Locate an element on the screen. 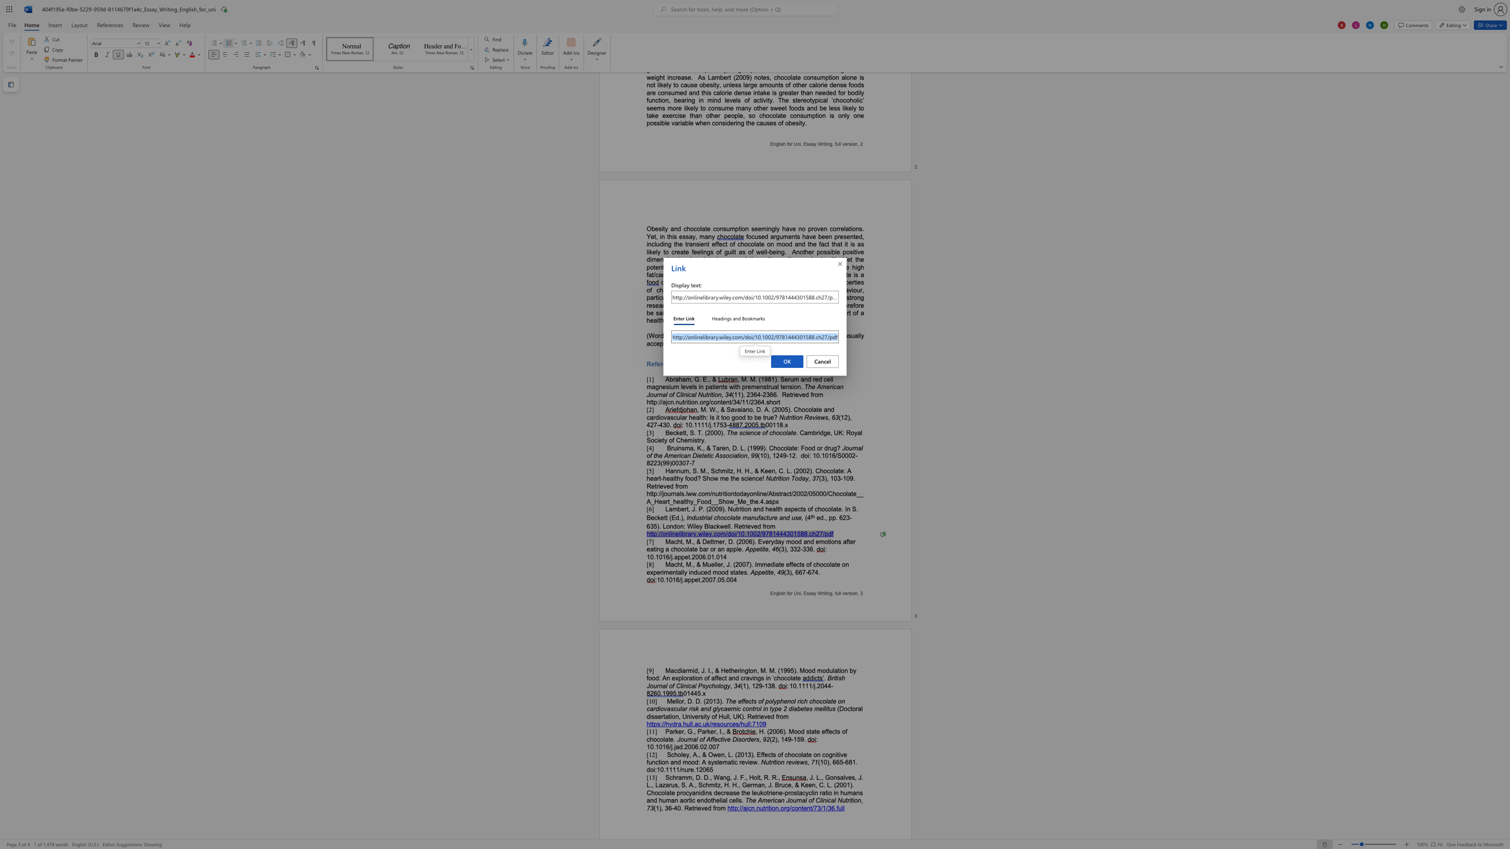 The height and width of the screenshot is (849, 1510). the 2th character "6" in the text is located at coordinates (837, 762).